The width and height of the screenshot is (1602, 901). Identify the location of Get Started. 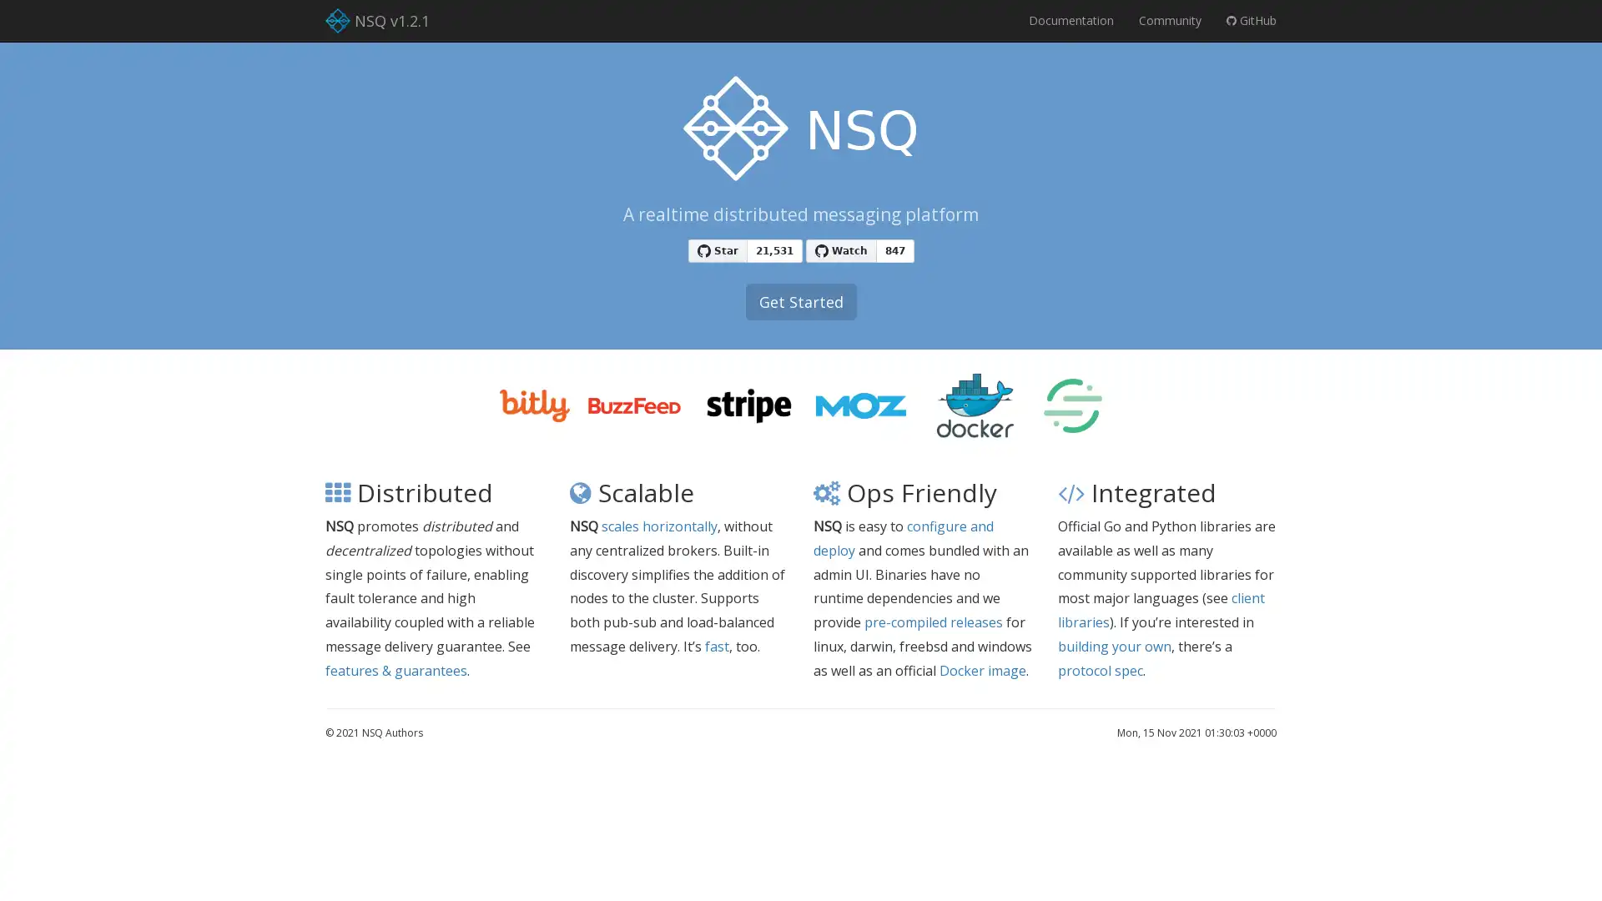
(799, 302).